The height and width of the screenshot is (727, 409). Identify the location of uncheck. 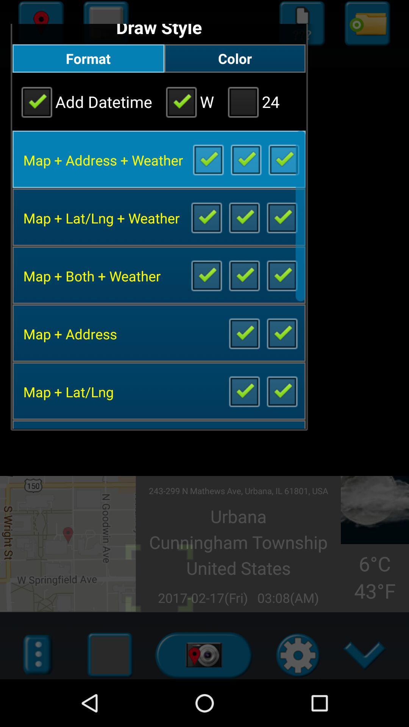
(282, 333).